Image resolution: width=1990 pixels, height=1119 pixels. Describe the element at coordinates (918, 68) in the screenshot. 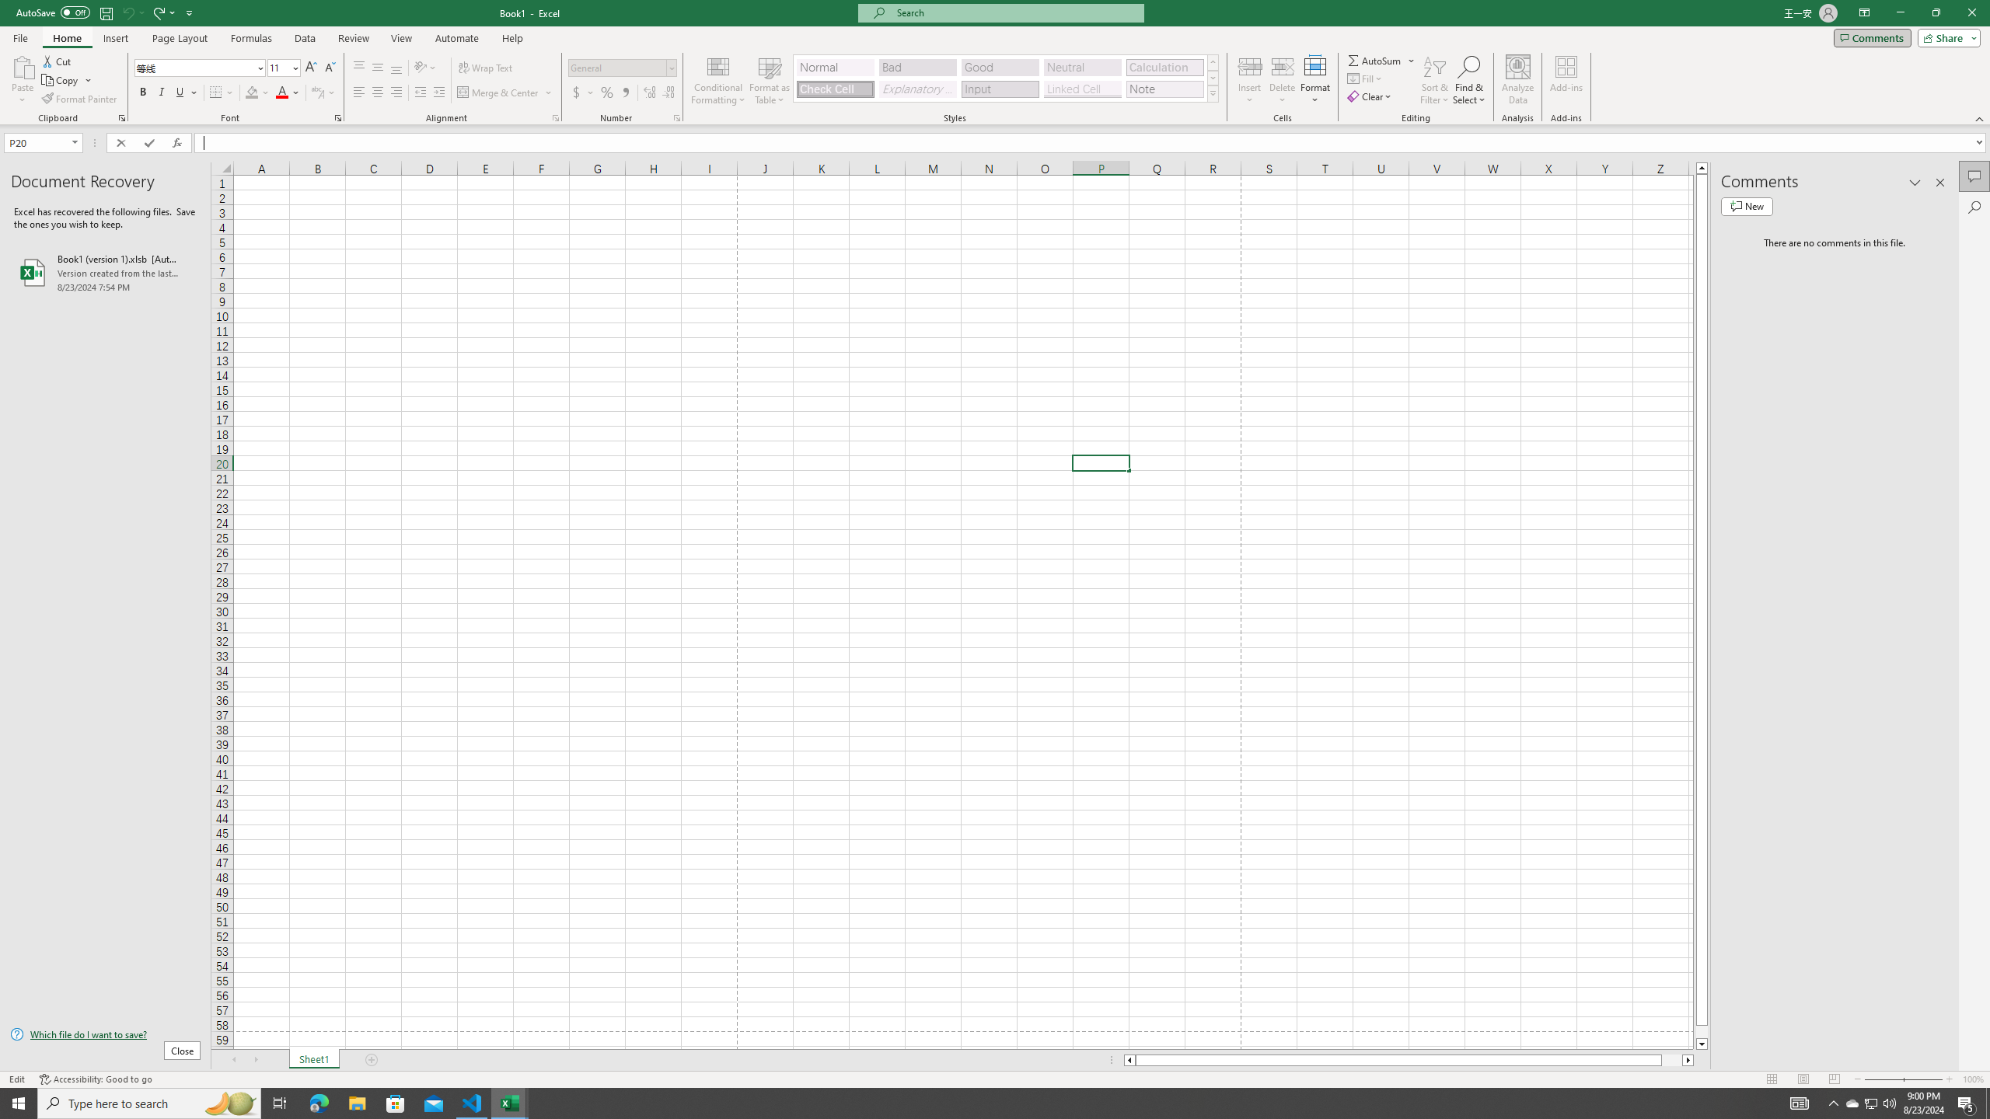

I see `'Bad'` at that location.